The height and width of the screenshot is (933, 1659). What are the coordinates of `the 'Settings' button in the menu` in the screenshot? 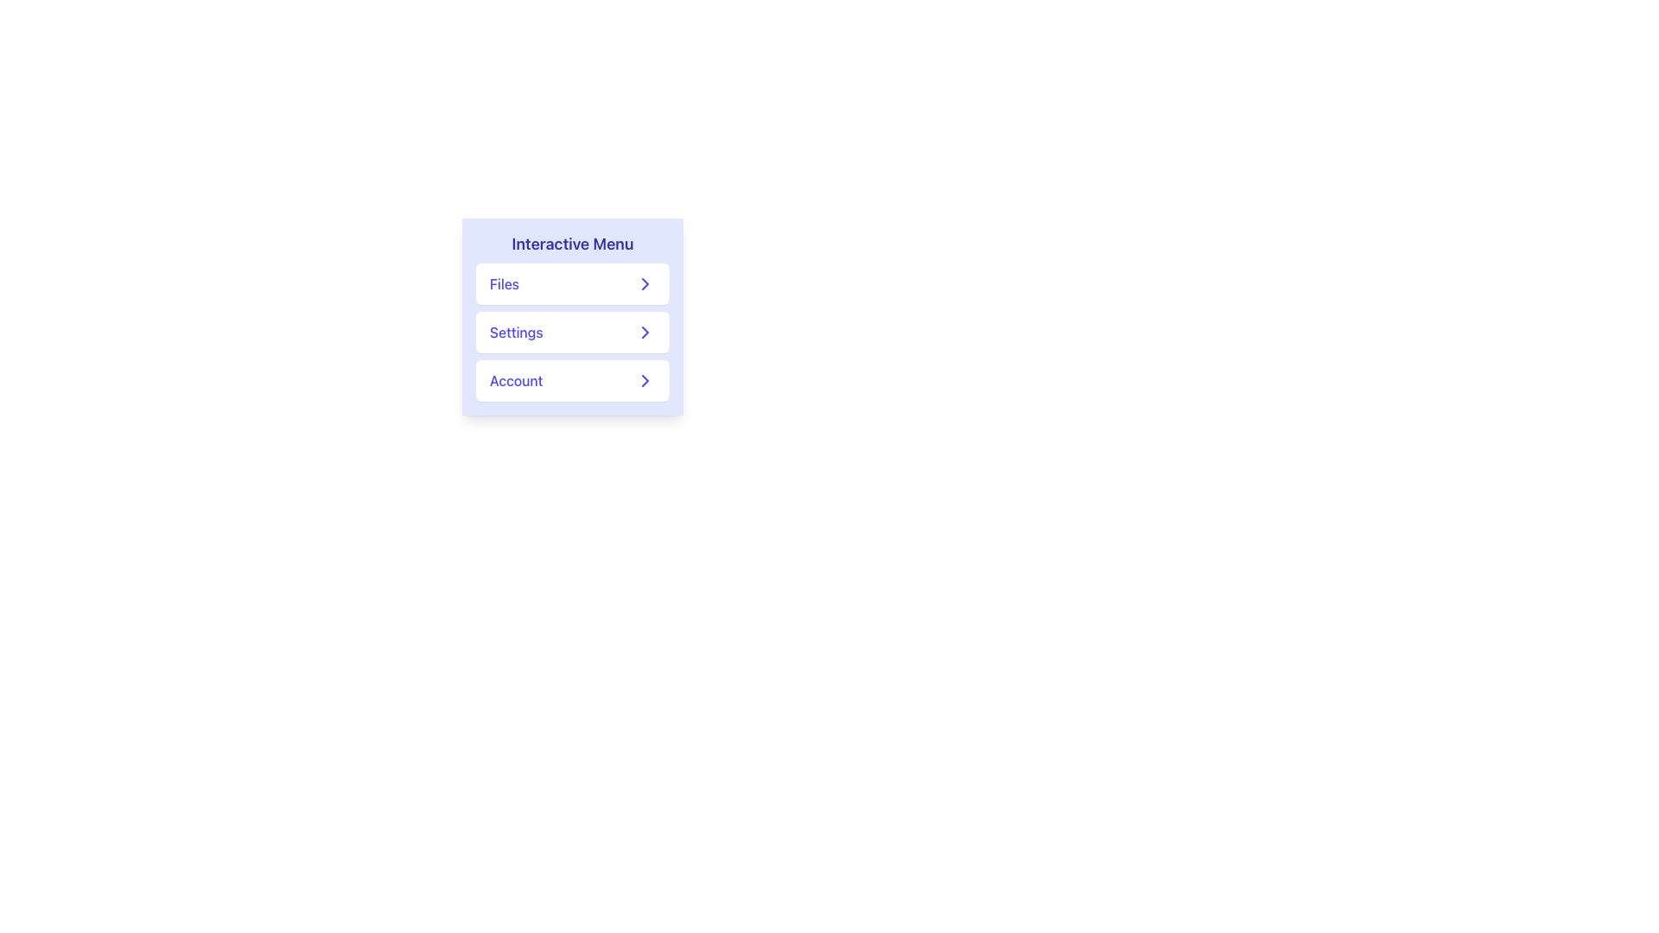 It's located at (572, 333).